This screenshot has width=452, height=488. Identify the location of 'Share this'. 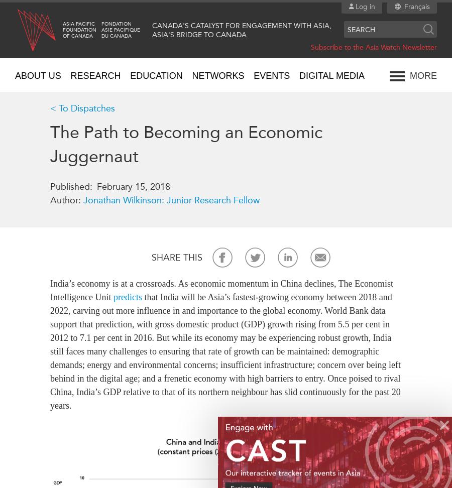
(177, 258).